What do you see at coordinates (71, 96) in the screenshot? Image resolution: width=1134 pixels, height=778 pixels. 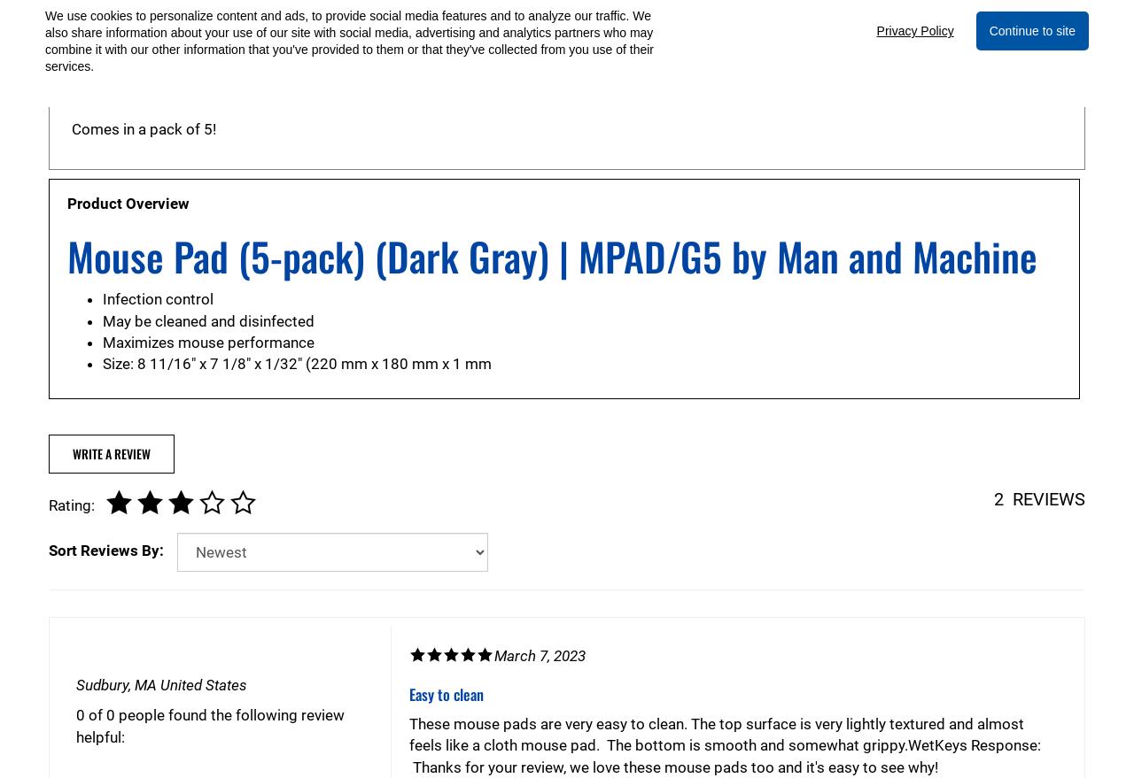 I see `'Can be cleaned, disinfected or sterilized in autoclave (lowest setting)'` at bounding box center [71, 96].